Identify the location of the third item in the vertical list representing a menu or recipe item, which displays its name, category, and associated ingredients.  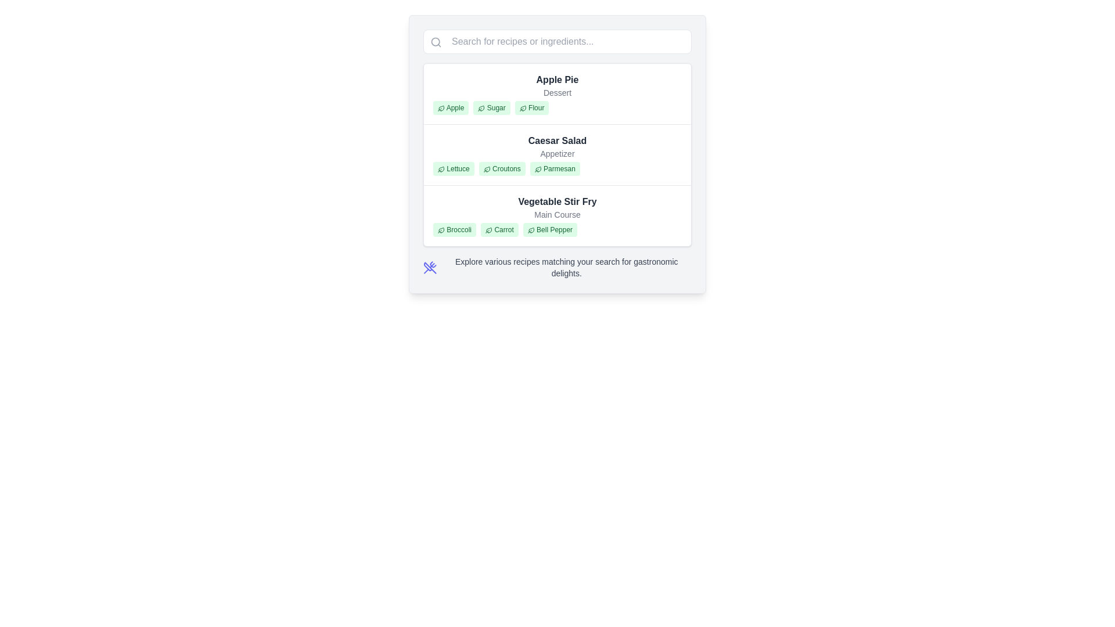
(557, 215).